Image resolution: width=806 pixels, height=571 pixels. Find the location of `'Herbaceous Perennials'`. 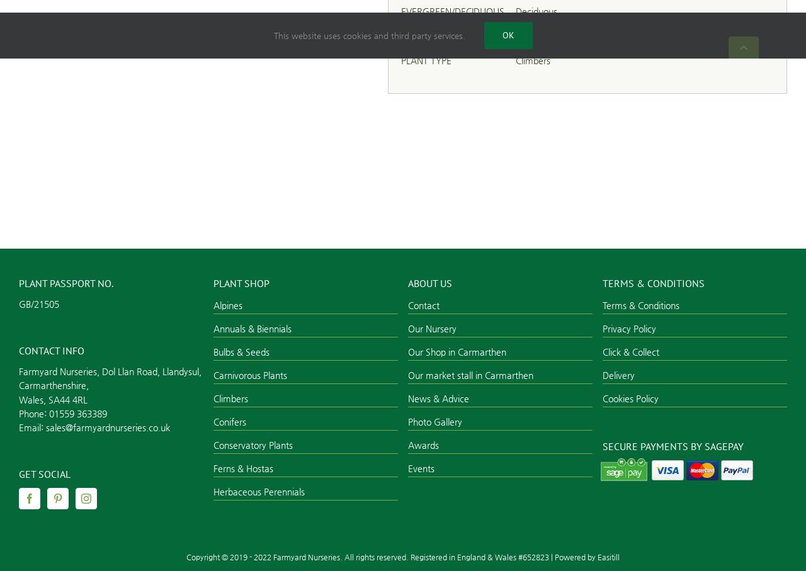

'Herbaceous Perennials' is located at coordinates (213, 491).